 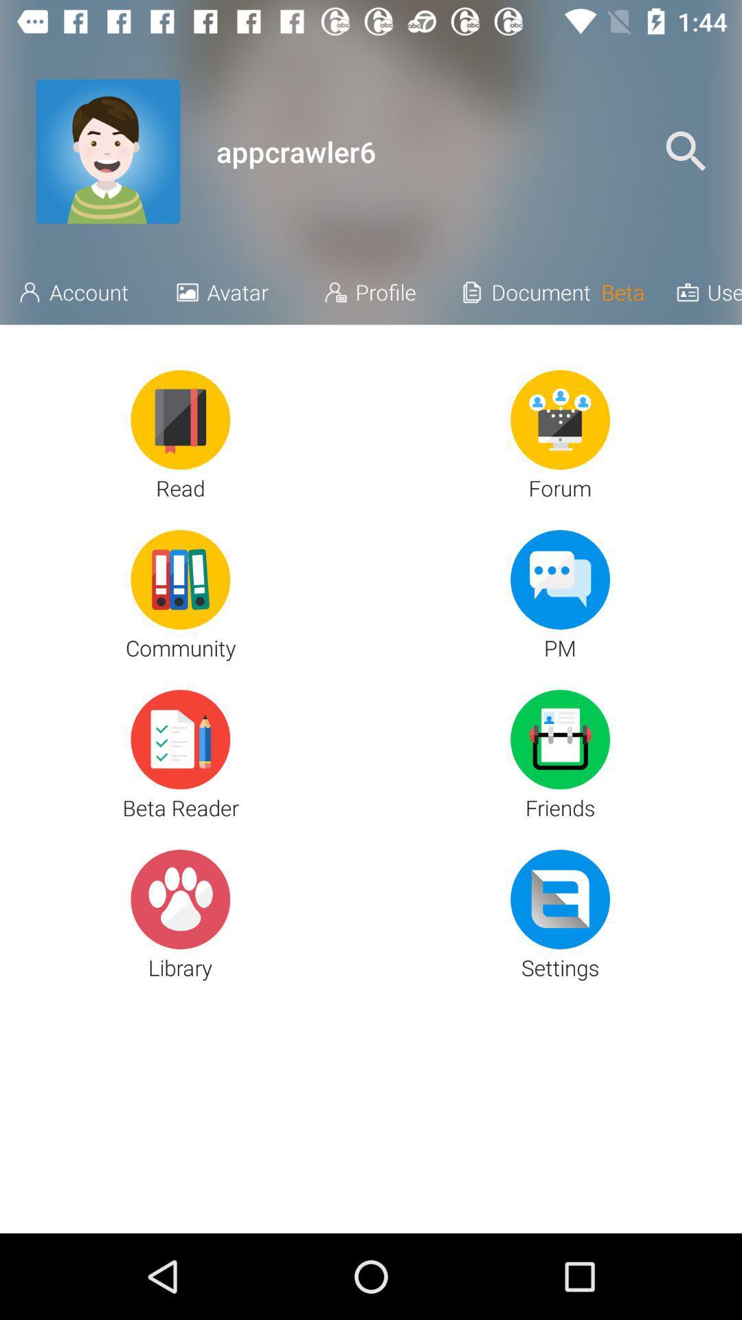 I want to click on icon to the left of appcrawler6 icon, so click(x=107, y=151).